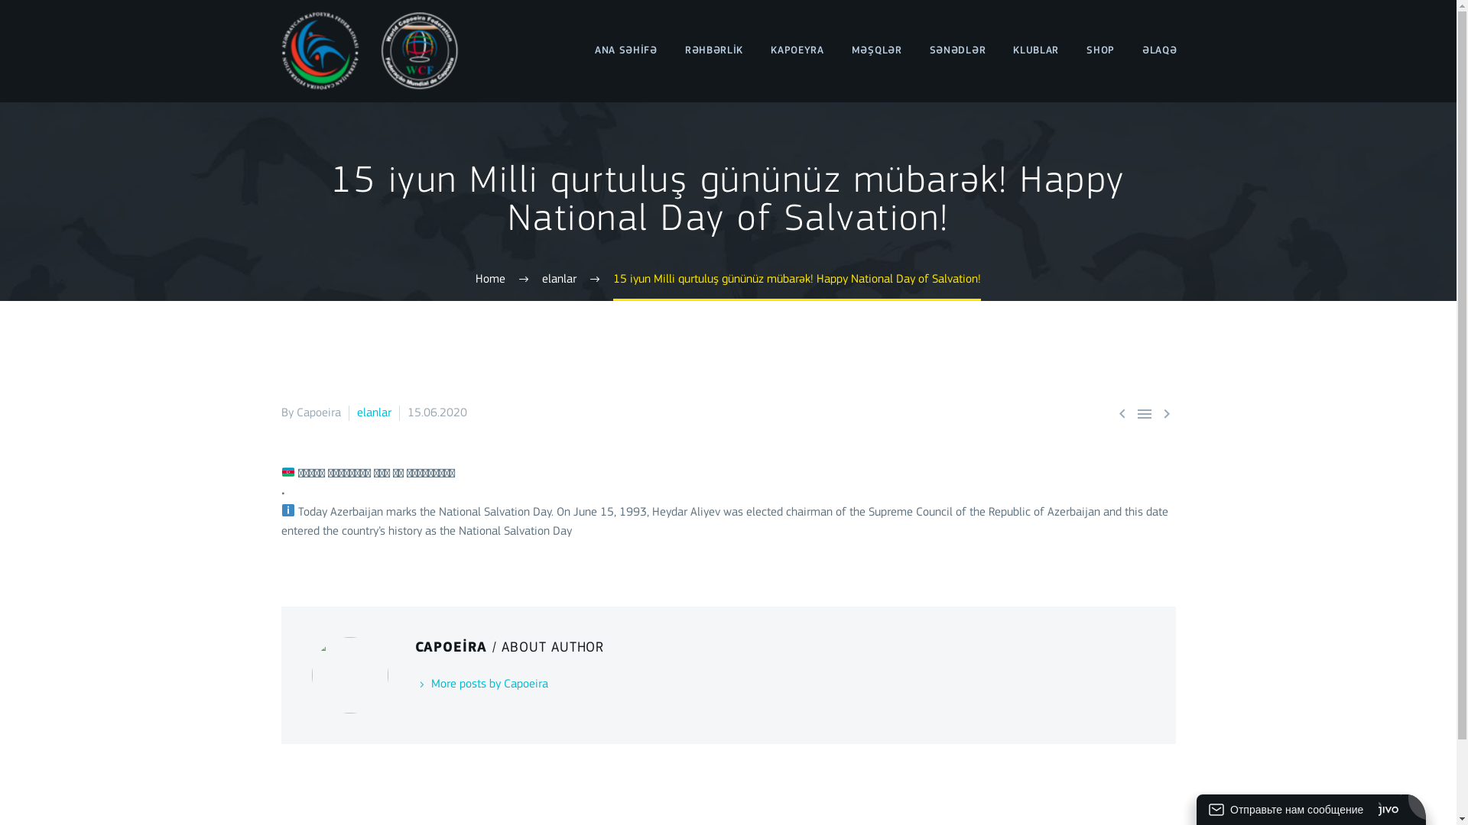 Image resolution: width=1468 pixels, height=825 pixels. Describe the element at coordinates (490, 280) in the screenshot. I see `'Home'` at that location.